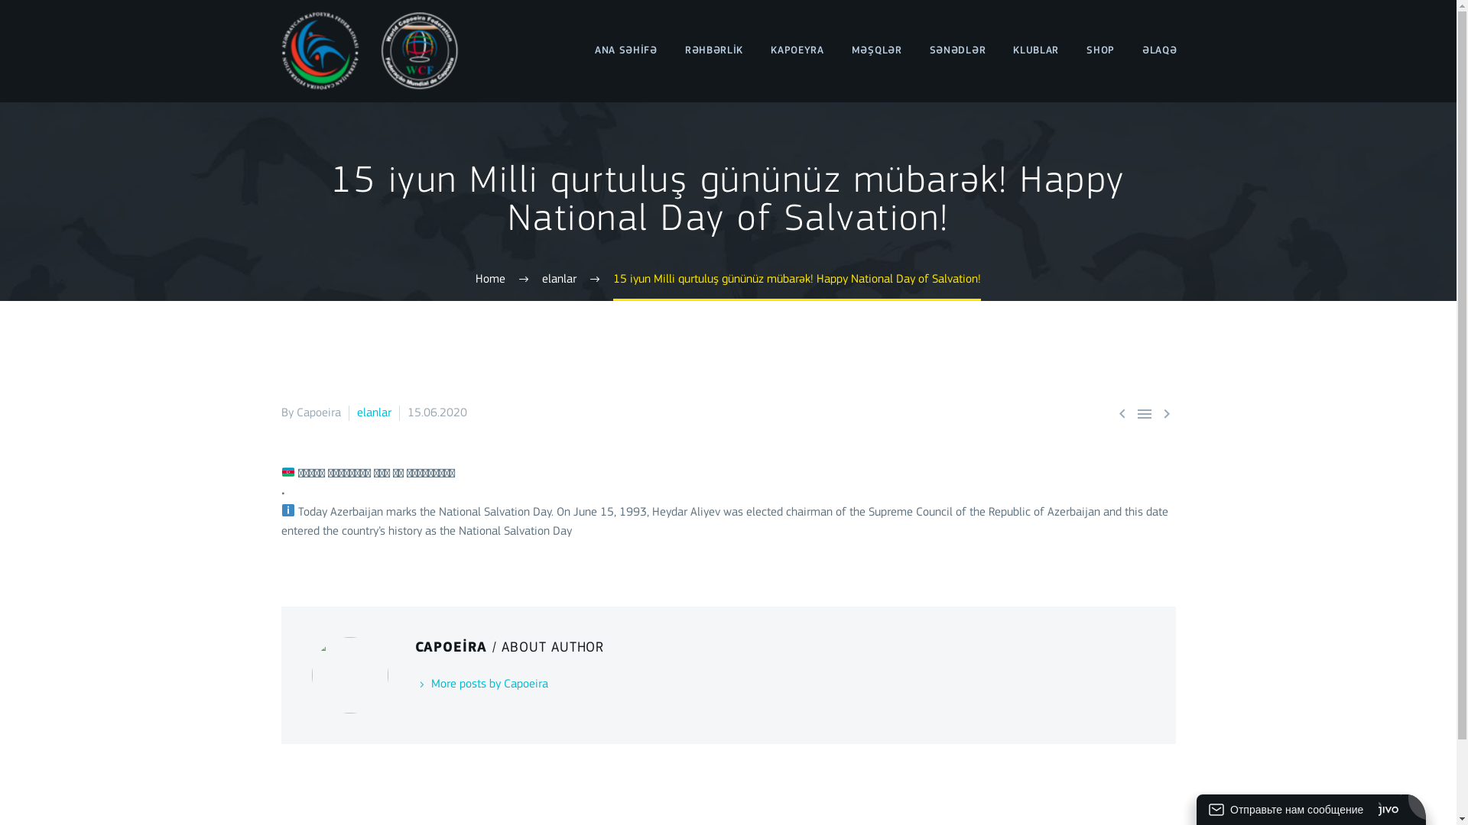 Image resolution: width=1468 pixels, height=825 pixels. Describe the element at coordinates (490, 280) in the screenshot. I see `'Home'` at that location.